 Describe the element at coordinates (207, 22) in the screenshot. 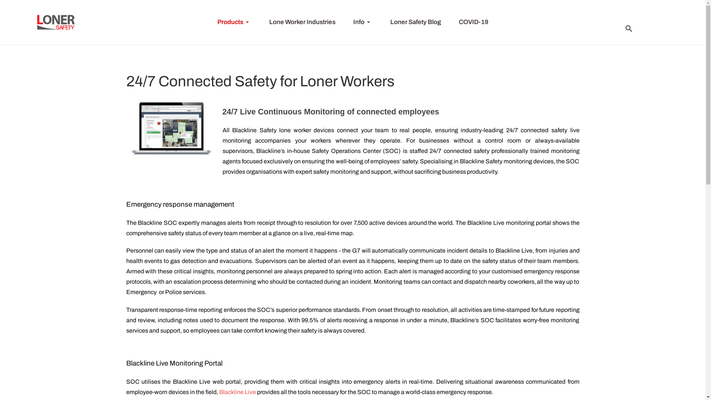

I see `'Products'` at that location.